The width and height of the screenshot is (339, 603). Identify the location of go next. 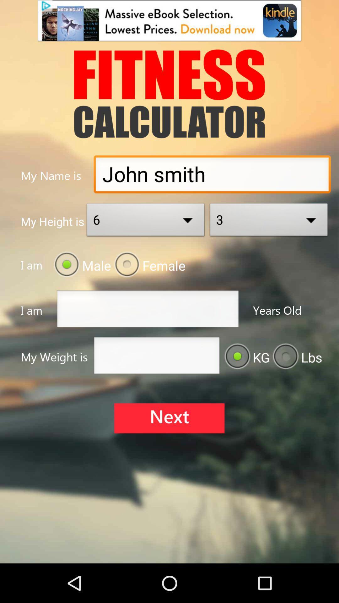
(169, 418).